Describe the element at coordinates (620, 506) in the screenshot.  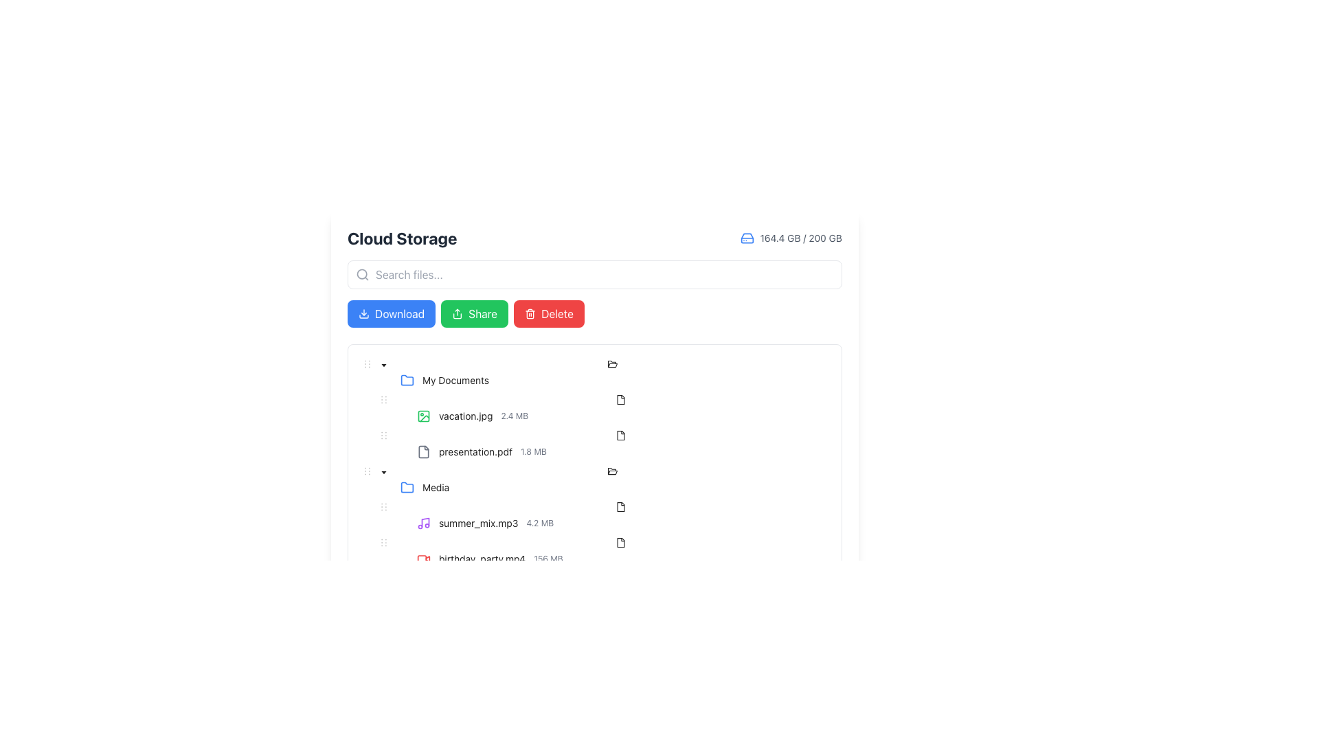
I see `the file icon representing 'birthday_party.mp4' in the Media folder list` at that location.